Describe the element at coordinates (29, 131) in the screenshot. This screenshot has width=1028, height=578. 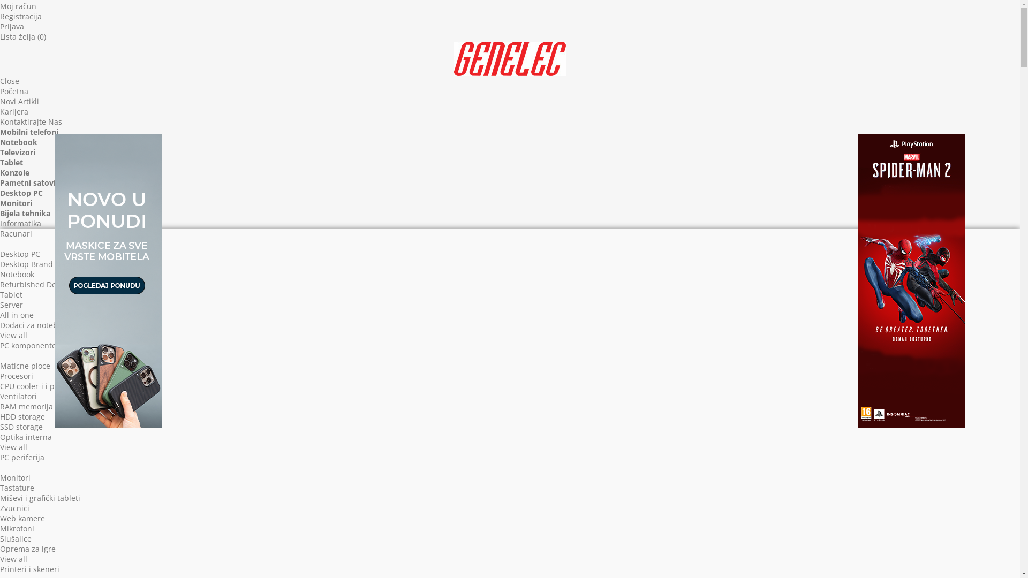
I see `'Mobilni telefoni'` at that location.